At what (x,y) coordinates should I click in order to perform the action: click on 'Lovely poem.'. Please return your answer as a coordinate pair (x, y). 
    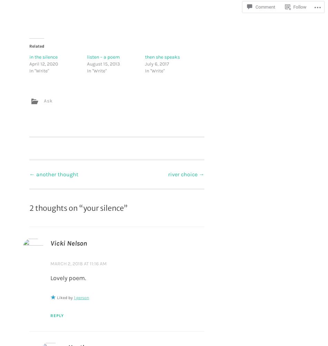
    Looking at the image, I should click on (68, 278).